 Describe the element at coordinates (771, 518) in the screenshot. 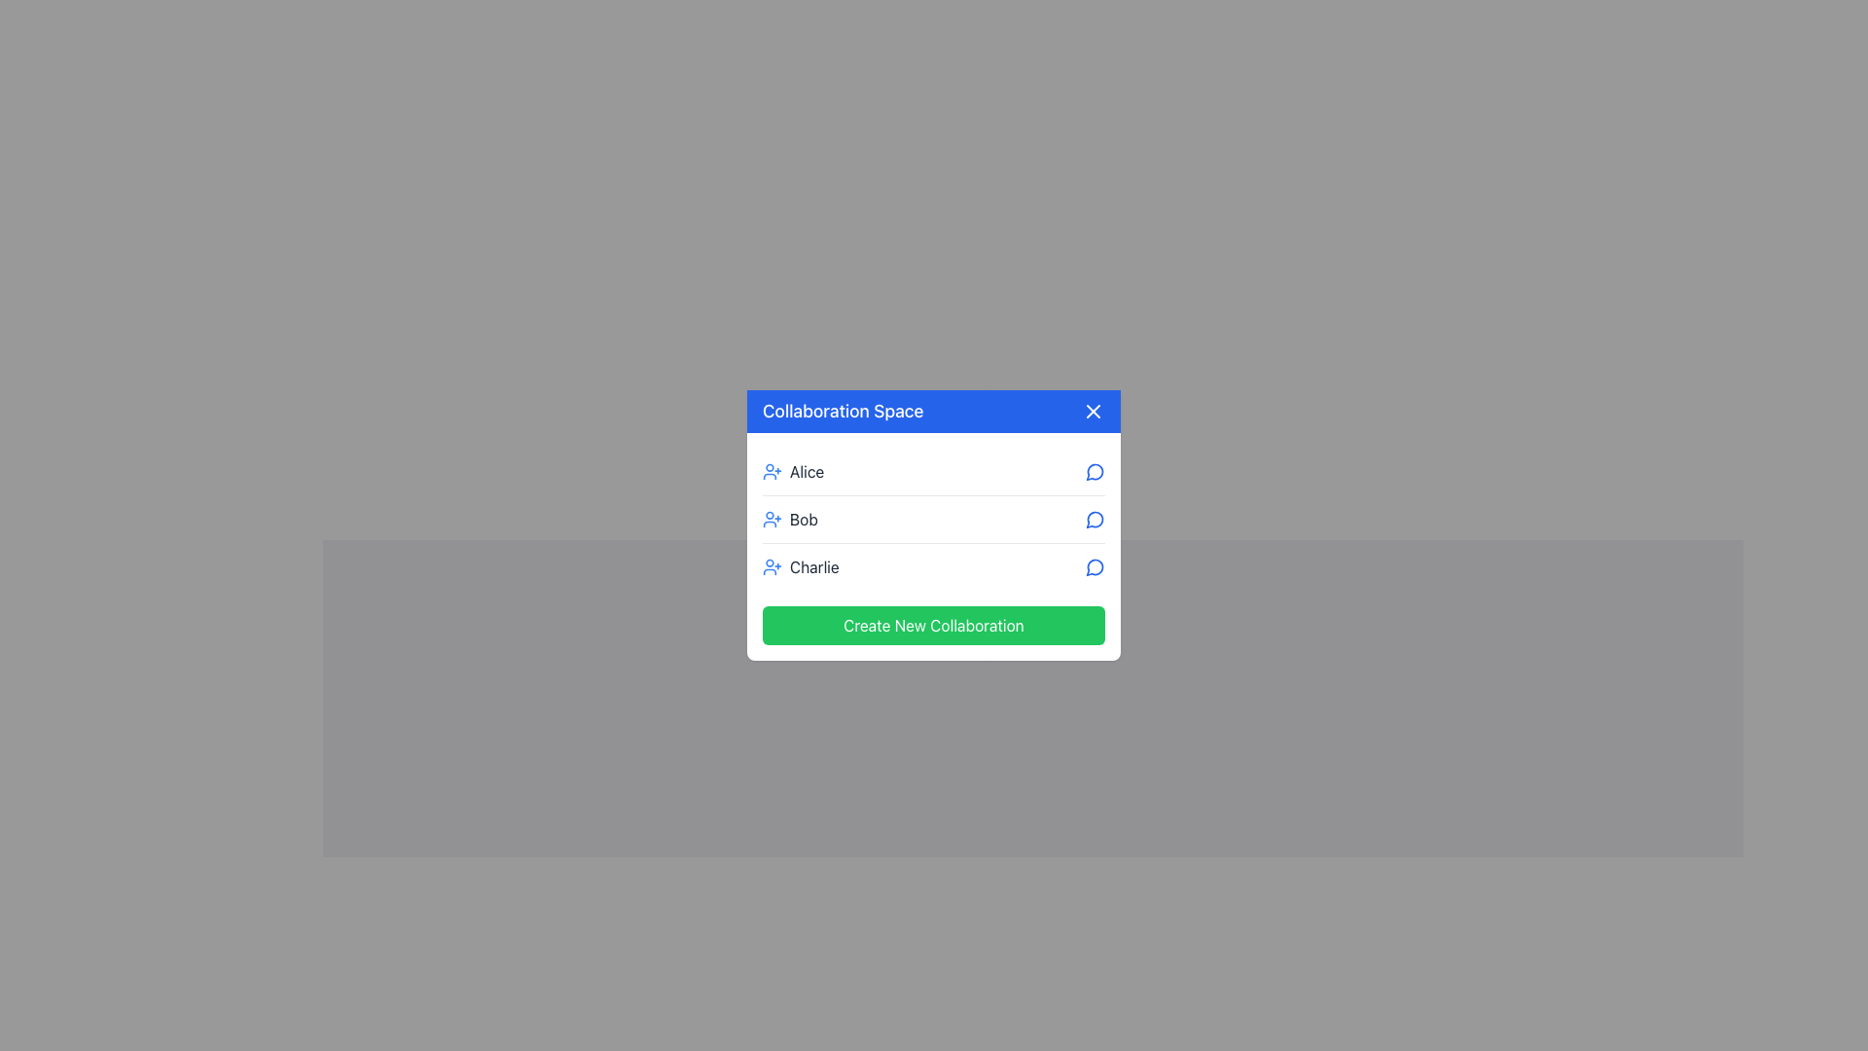

I see `the Icon button to the left of the name 'Bob' in the second row of the 'Collaboration Space' popup` at that location.